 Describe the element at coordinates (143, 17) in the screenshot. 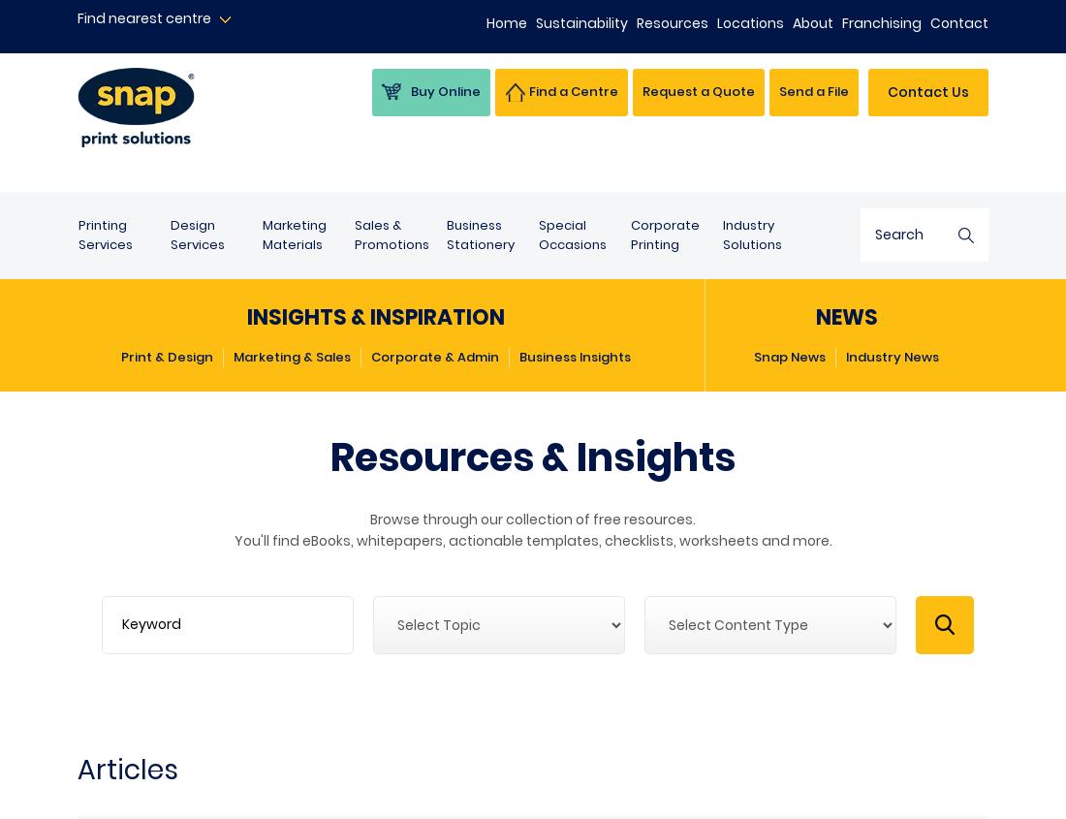

I see `'Find nearest centre'` at that location.